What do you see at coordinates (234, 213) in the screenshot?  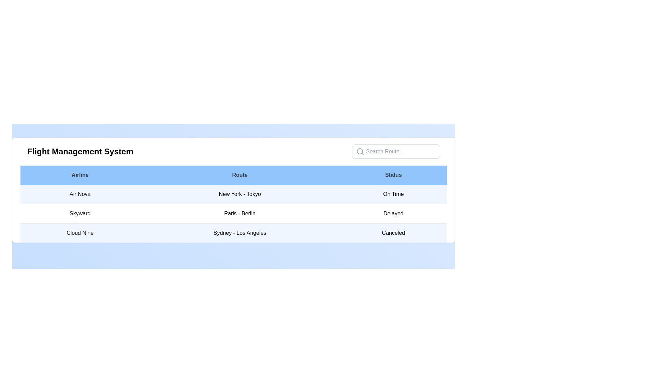 I see `text in the second row of the flight details table, which is positioned between 'Air Nova - New York - Tokyo - On Time' above and 'Cloud Nine - Sydney - Los Angeles - Canceled' below` at bounding box center [234, 213].